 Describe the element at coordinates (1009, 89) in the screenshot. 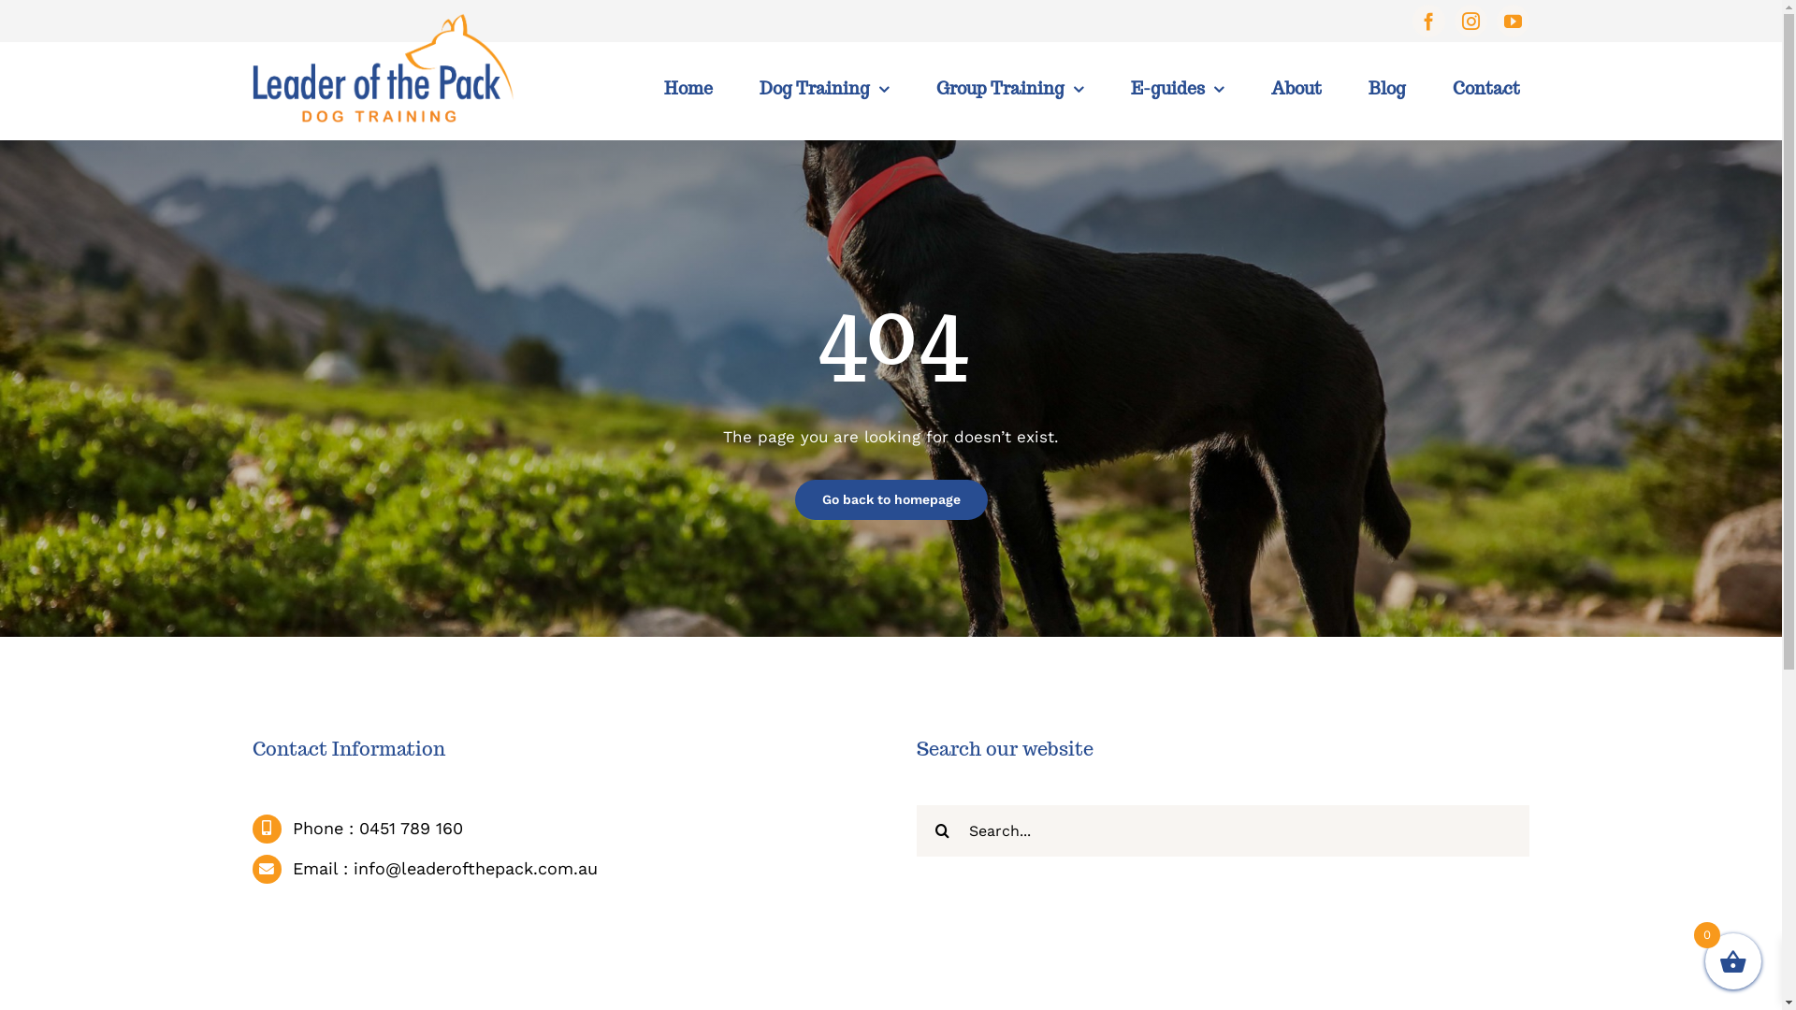

I see `'Group Training'` at that location.